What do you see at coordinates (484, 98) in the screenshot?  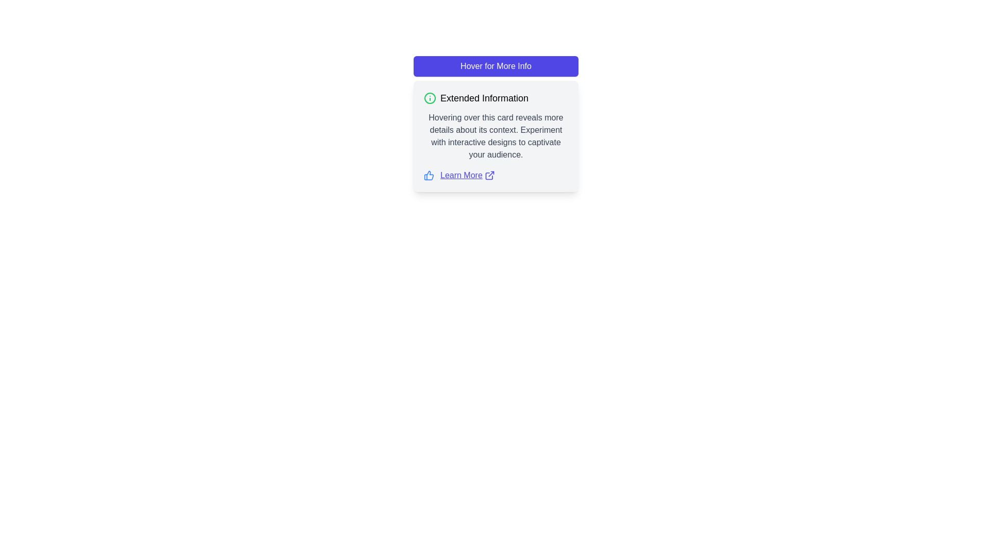 I see `the text label displaying 'Extended Information', which is styled prominently as a header and positioned centrally in the card` at bounding box center [484, 98].